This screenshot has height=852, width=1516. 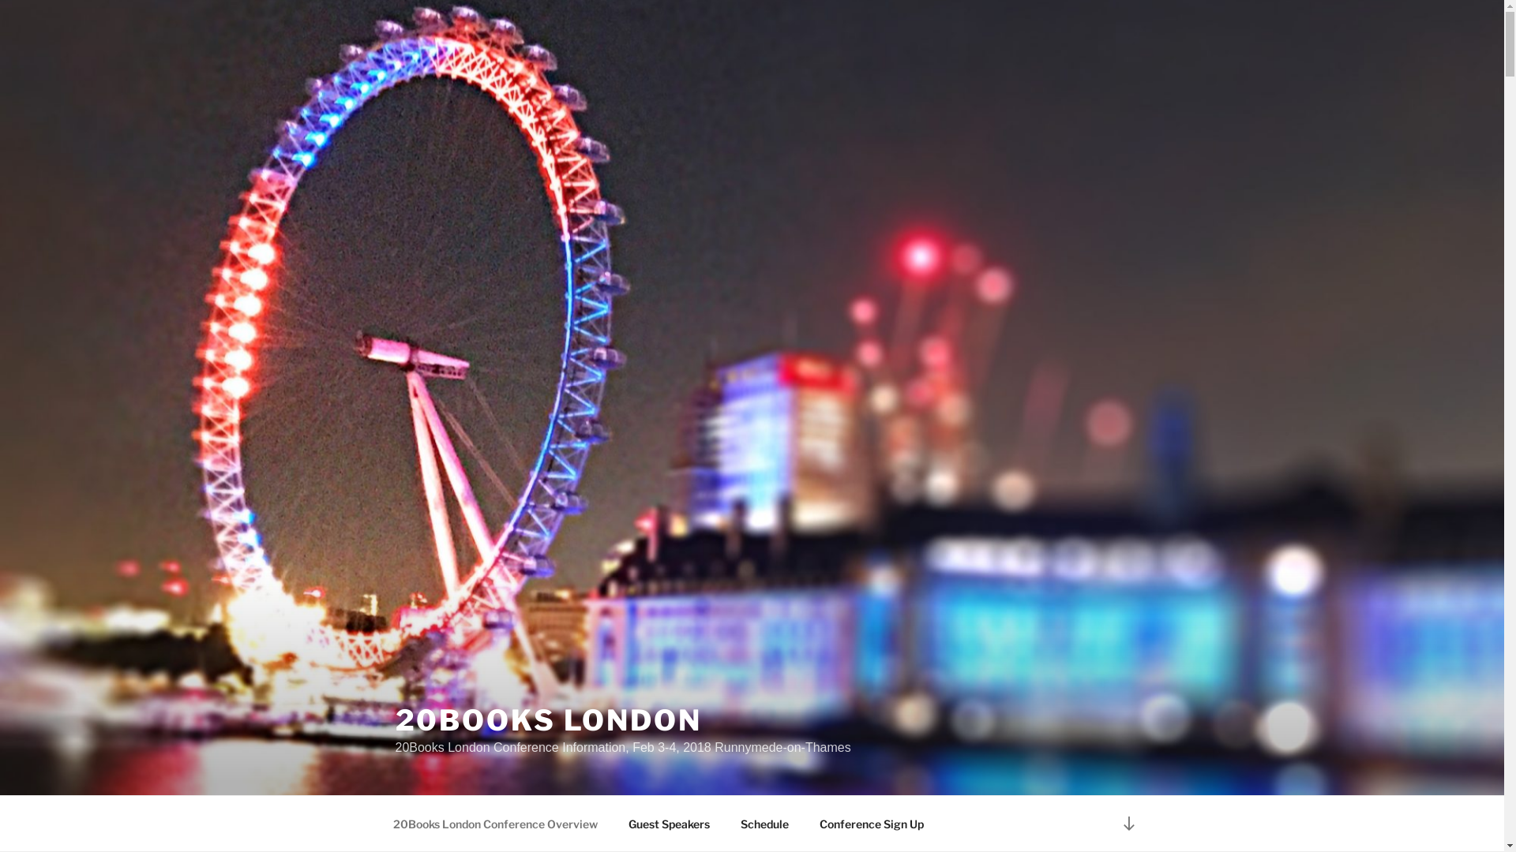 I want to click on 'Scroll down to content', so click(x=1128, y=822).